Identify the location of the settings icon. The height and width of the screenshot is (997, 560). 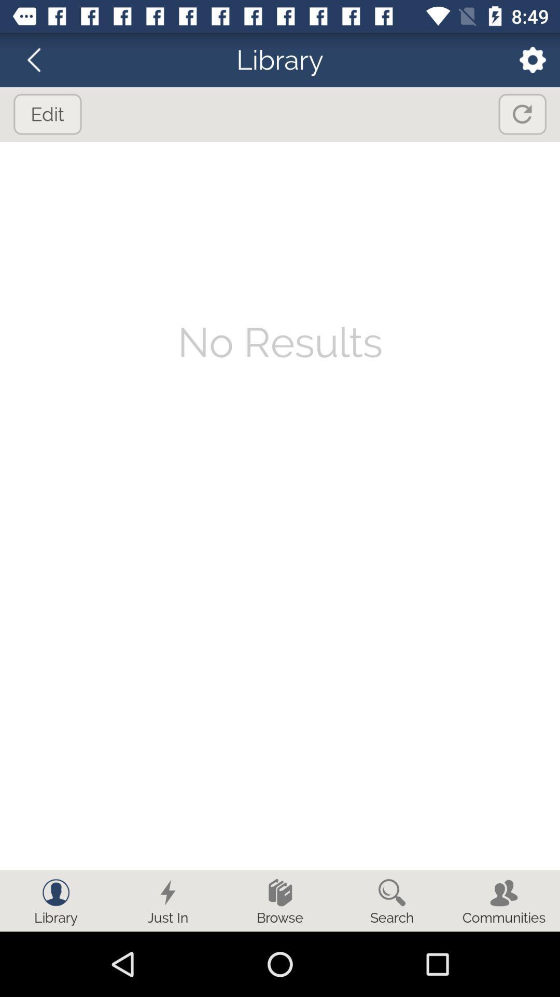
(526, 59).